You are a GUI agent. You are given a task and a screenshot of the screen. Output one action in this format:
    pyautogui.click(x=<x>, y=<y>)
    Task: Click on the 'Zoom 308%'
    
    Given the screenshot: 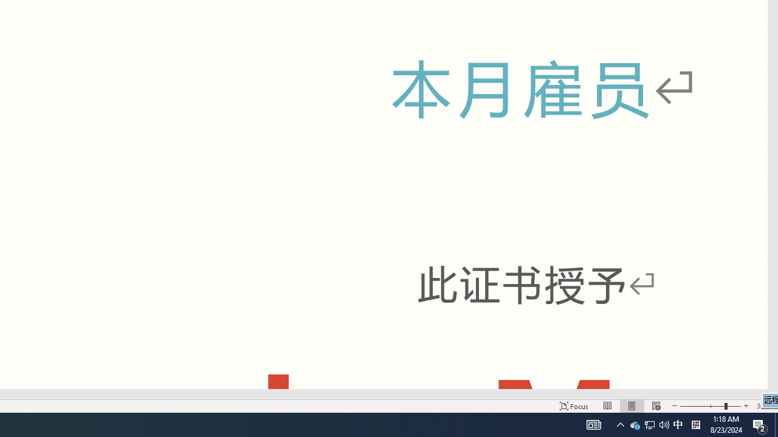 What is the action you would take?
    pyautogui.click(x=764, y=406)
    